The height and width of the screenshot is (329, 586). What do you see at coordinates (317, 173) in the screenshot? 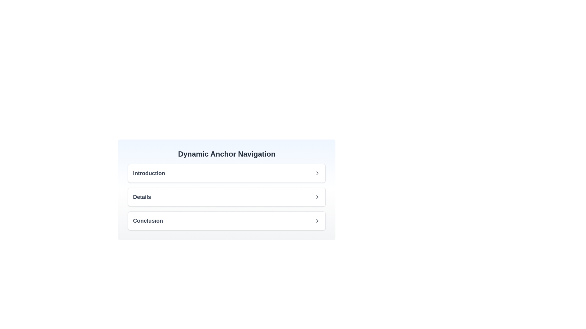
I see `the right-facing chevron icon located at the far-right side of the 'Introduction' button in the vertical navigation list` at bounding box center [317, 173].